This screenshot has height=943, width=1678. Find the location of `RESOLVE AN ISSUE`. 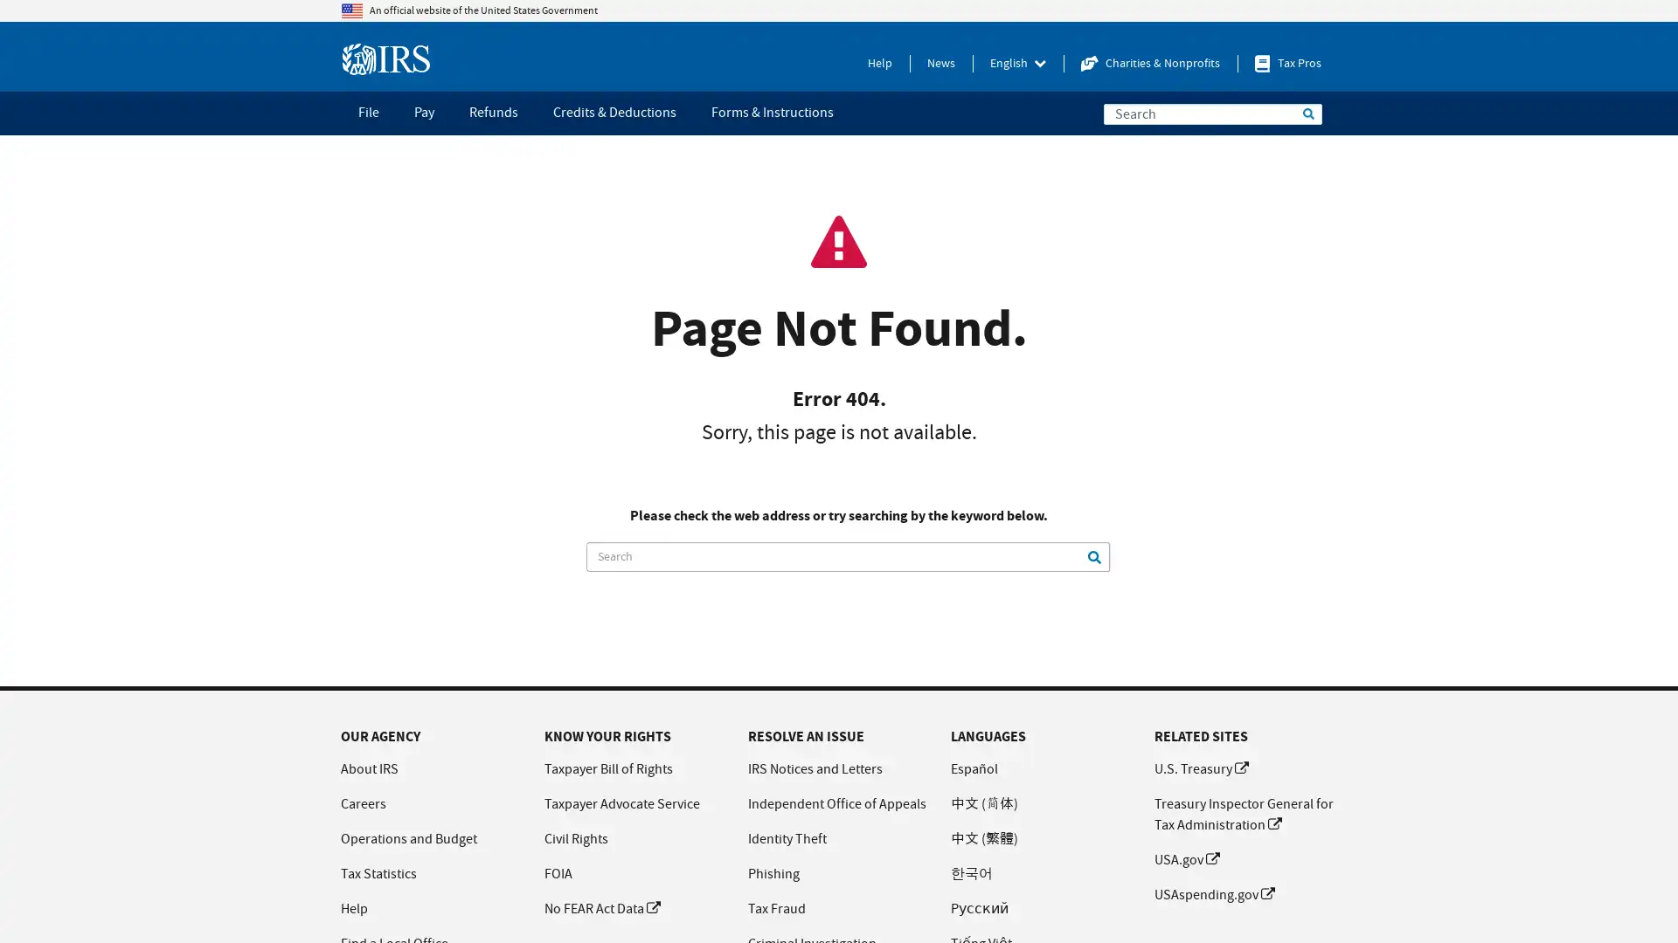

RESOLVE AN ISSUE is located at coordinates (804, 737).